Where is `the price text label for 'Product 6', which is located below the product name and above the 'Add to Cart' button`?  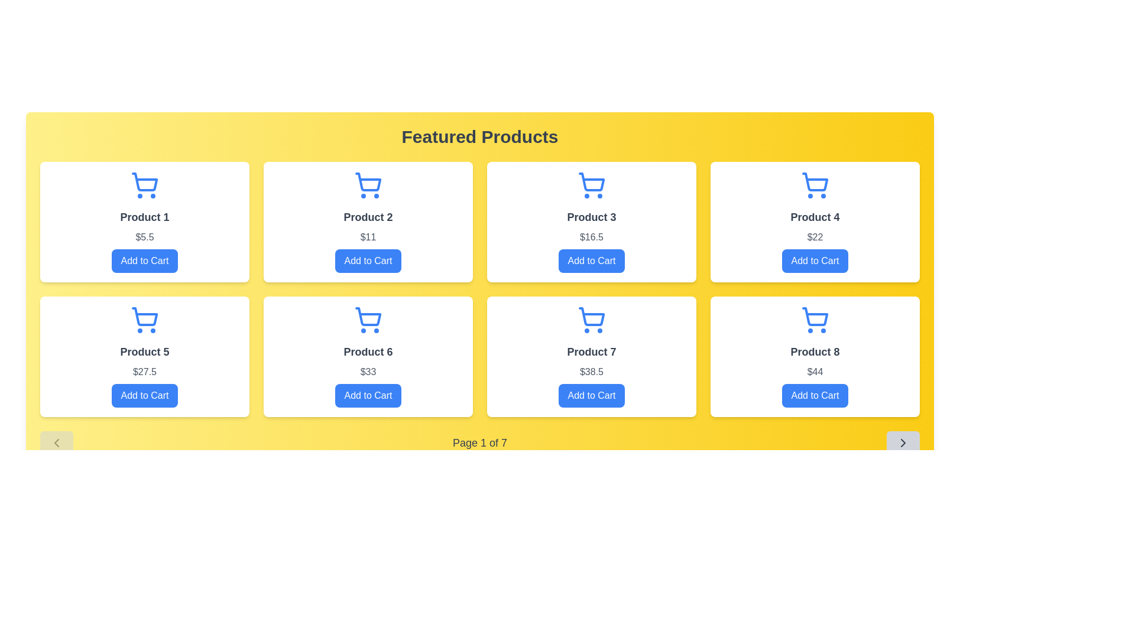
the price text label for 'Product 6', which is located below the product name and above the 'Add to Cart' button is located at coordinates (368, 371).